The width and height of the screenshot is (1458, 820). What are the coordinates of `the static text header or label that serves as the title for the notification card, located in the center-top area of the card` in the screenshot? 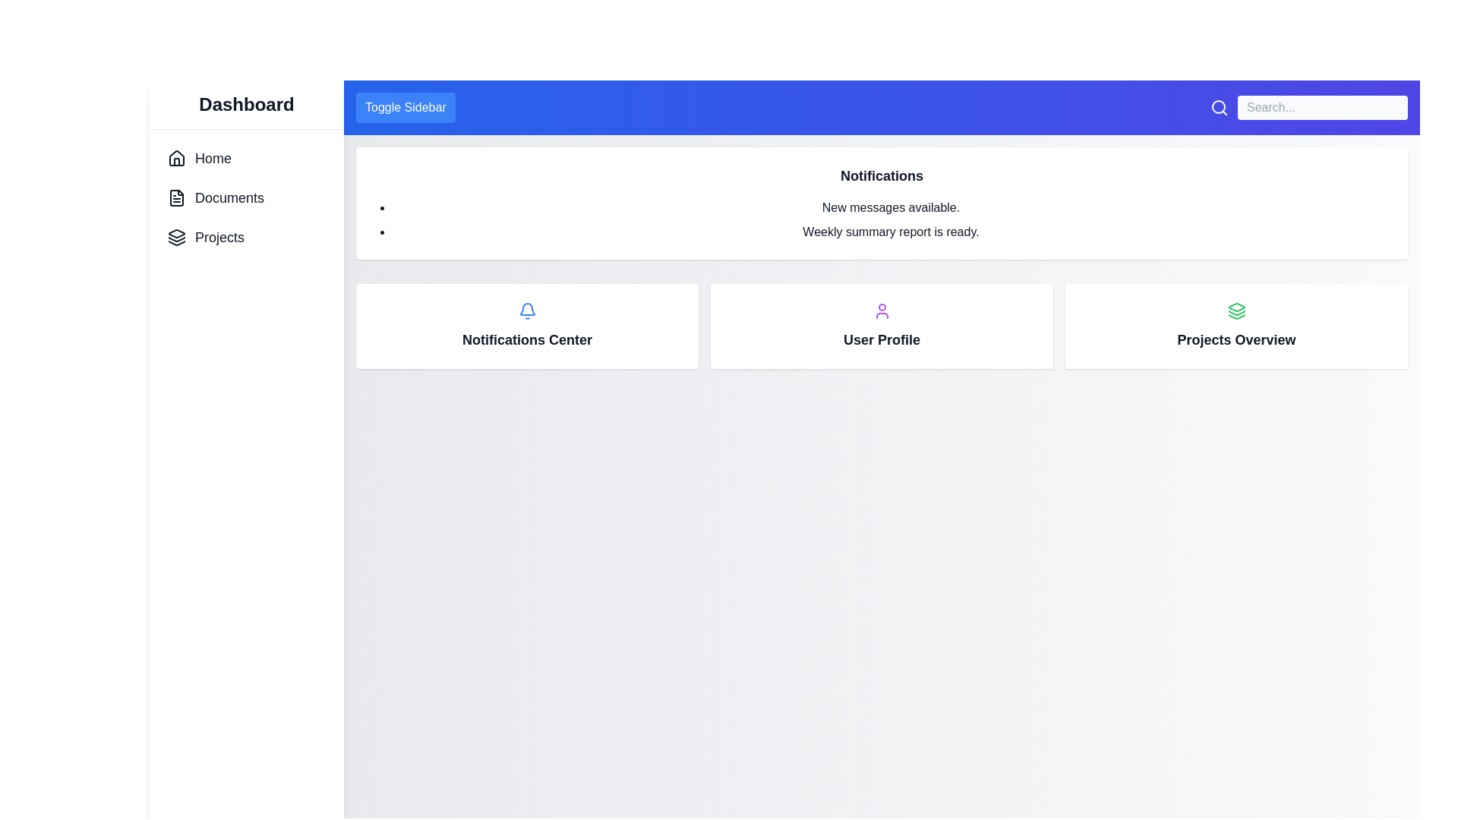 It's located at (882, 175).